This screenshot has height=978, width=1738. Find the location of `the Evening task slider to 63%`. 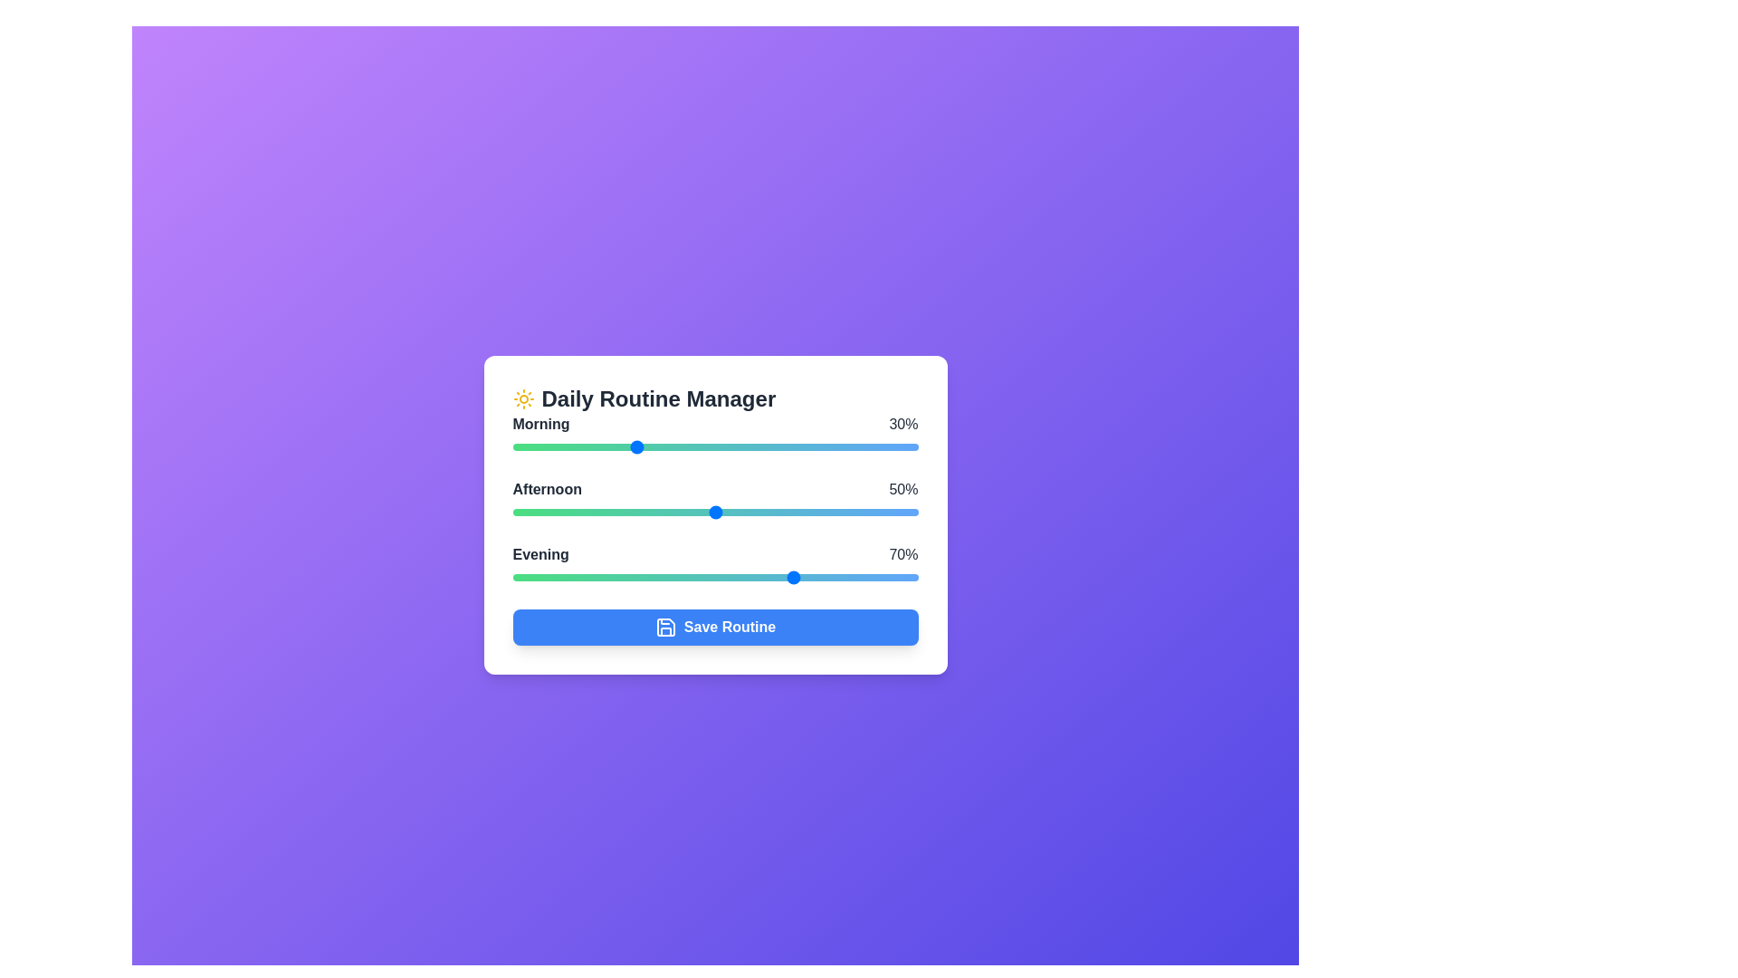

the Evening task slider to 63% is located at coordinates (768, 577).